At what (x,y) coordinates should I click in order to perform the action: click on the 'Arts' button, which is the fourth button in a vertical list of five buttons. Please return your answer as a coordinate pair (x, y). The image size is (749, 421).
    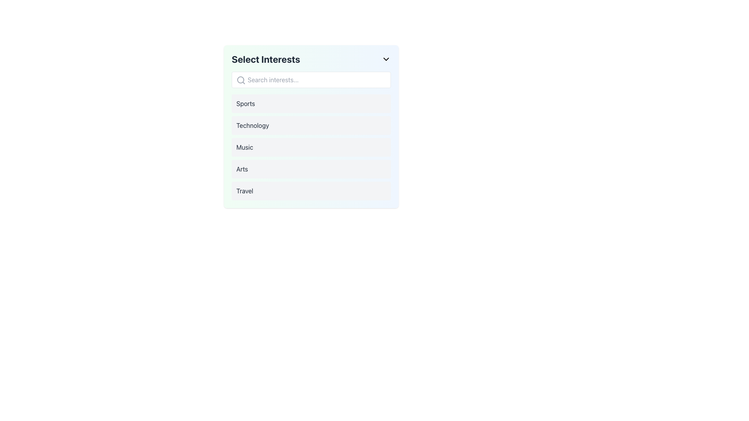
    Looking at the image, I should click on (311, 169).